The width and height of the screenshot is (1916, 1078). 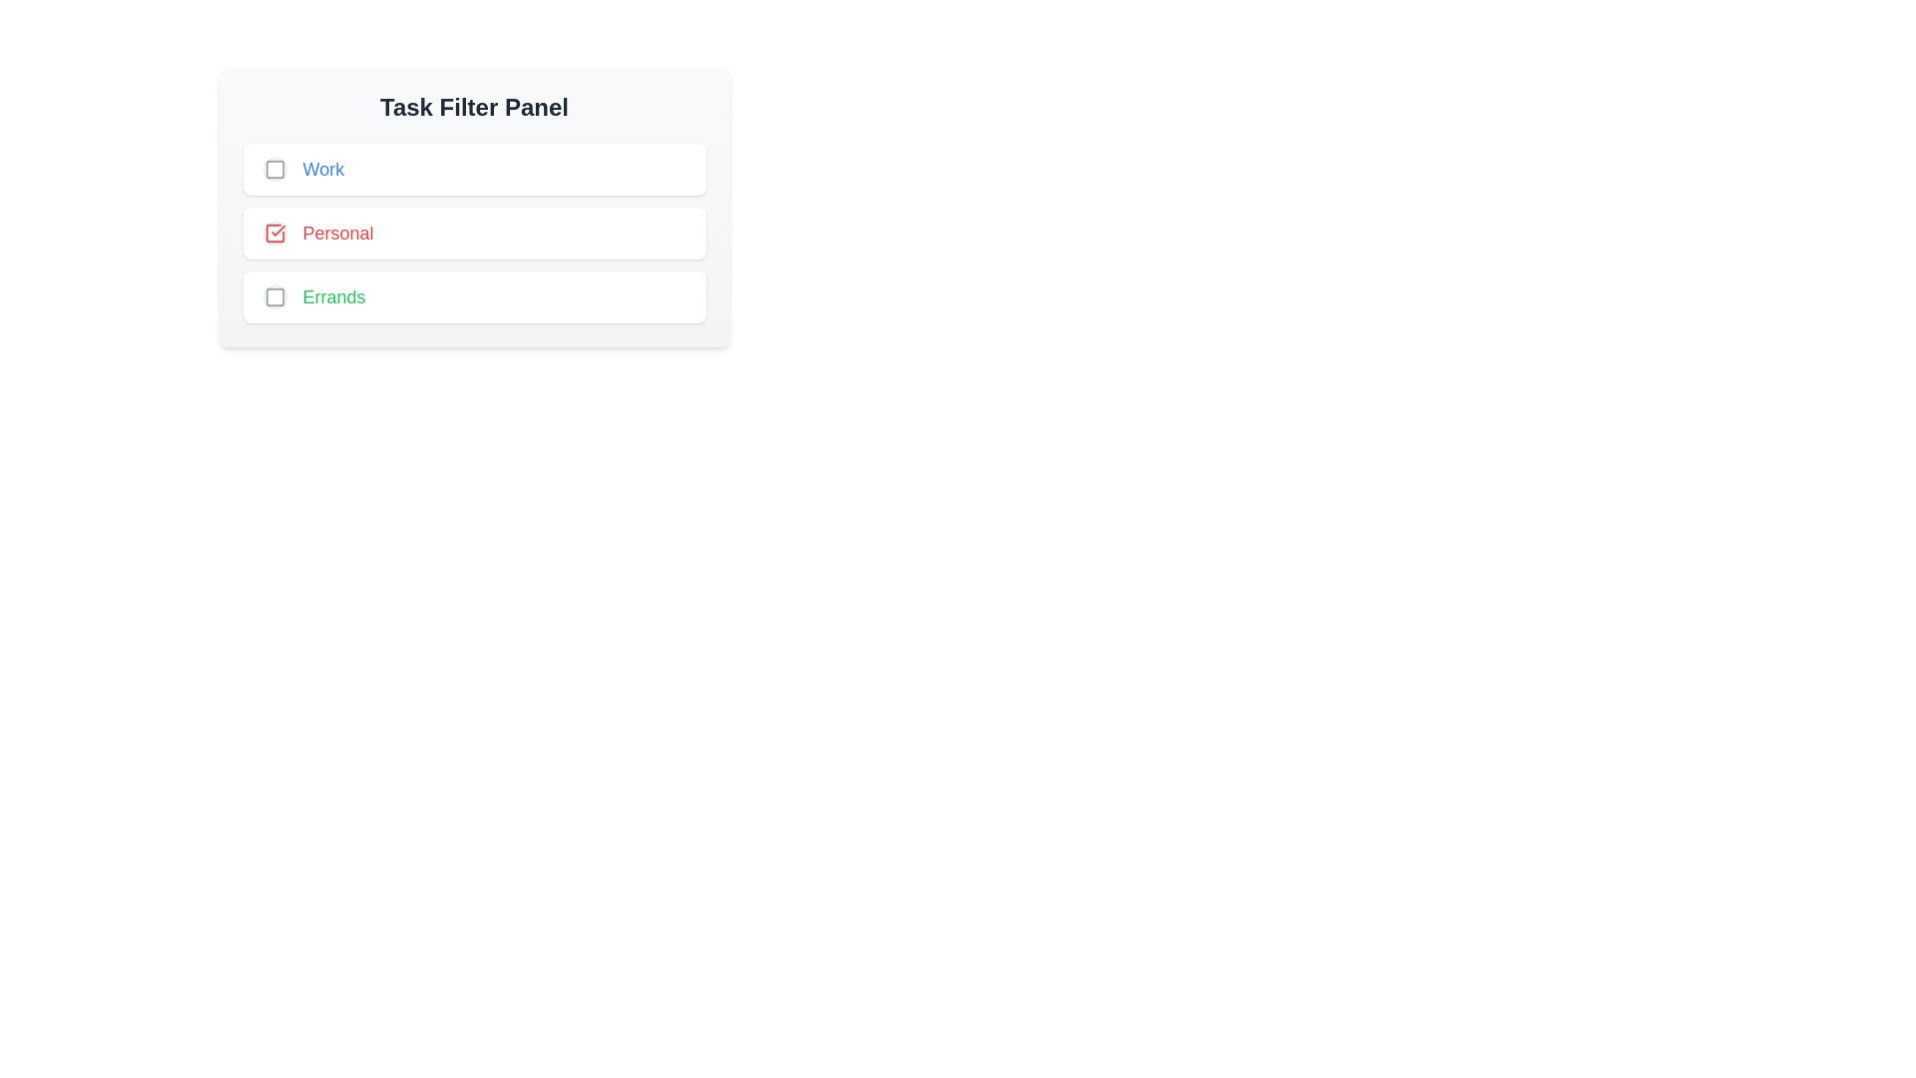 What do you see at coordinates (273, 296) in the screenshot?
I see `the Checkbox icon located inside the 'Task Filter Panel' next to the label 'Errands'` at bounding box center [273, 296].